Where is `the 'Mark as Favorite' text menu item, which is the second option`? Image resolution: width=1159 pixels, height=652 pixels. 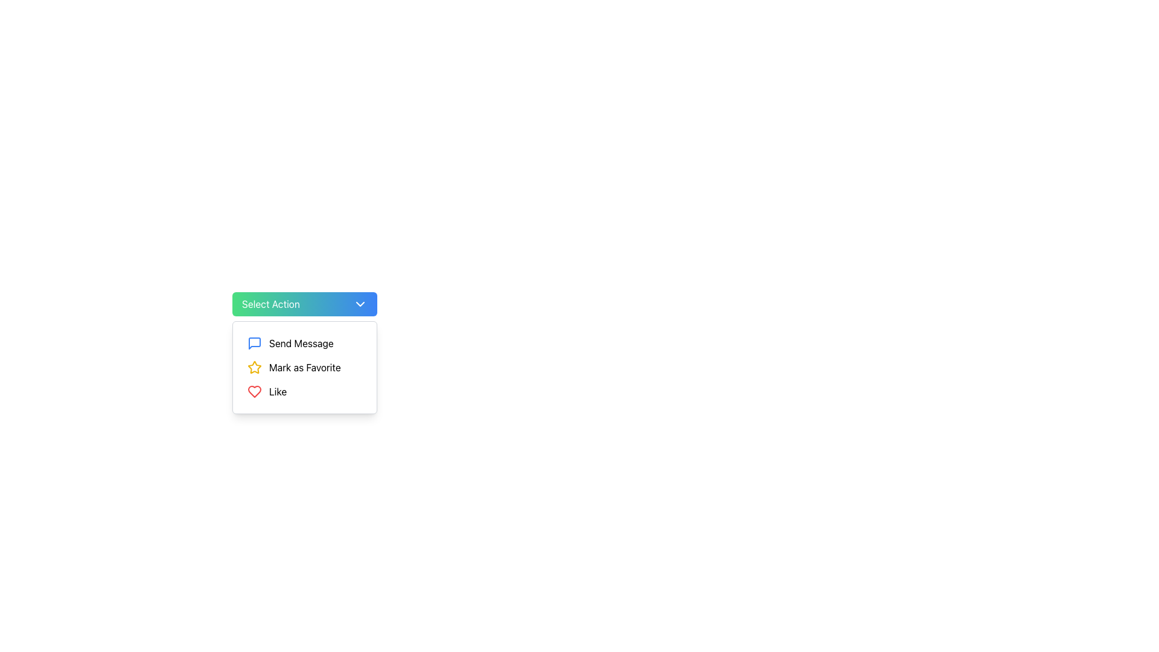
the 'Mark as Favorite' text menu item, which is the second option is located at coordinates (305, 367).